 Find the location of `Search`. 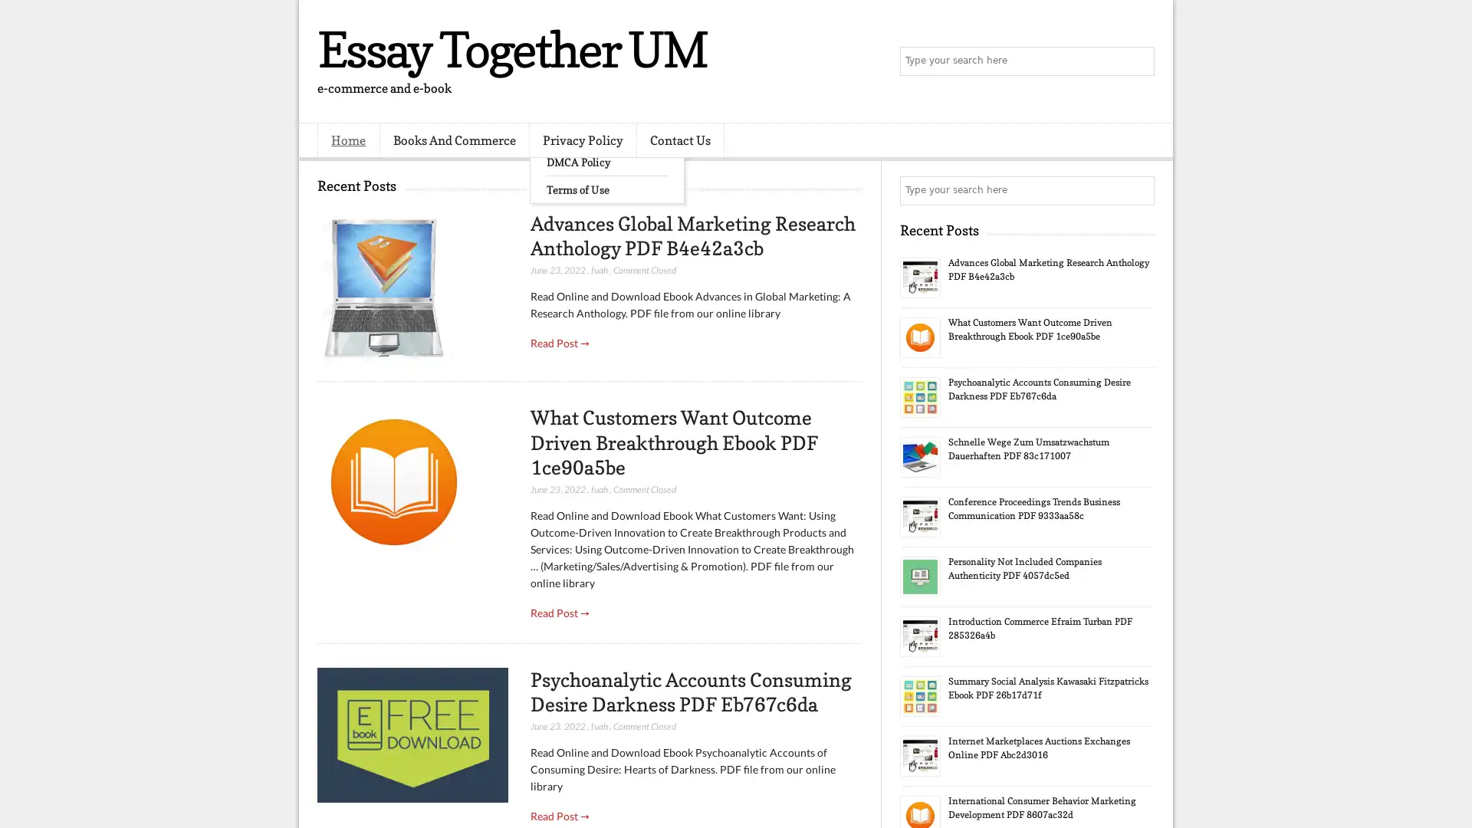

Search is located at coordinates (1138, 61).